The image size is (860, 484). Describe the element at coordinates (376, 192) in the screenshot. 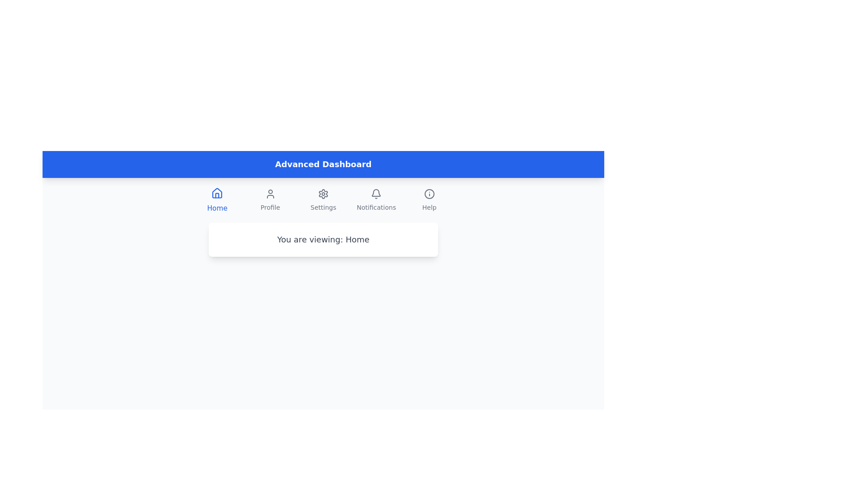

I see `the bell icon located in the top navigation bar, which is the fourth item from the left, next to the Settings gear icon and the Help icon` at that location.